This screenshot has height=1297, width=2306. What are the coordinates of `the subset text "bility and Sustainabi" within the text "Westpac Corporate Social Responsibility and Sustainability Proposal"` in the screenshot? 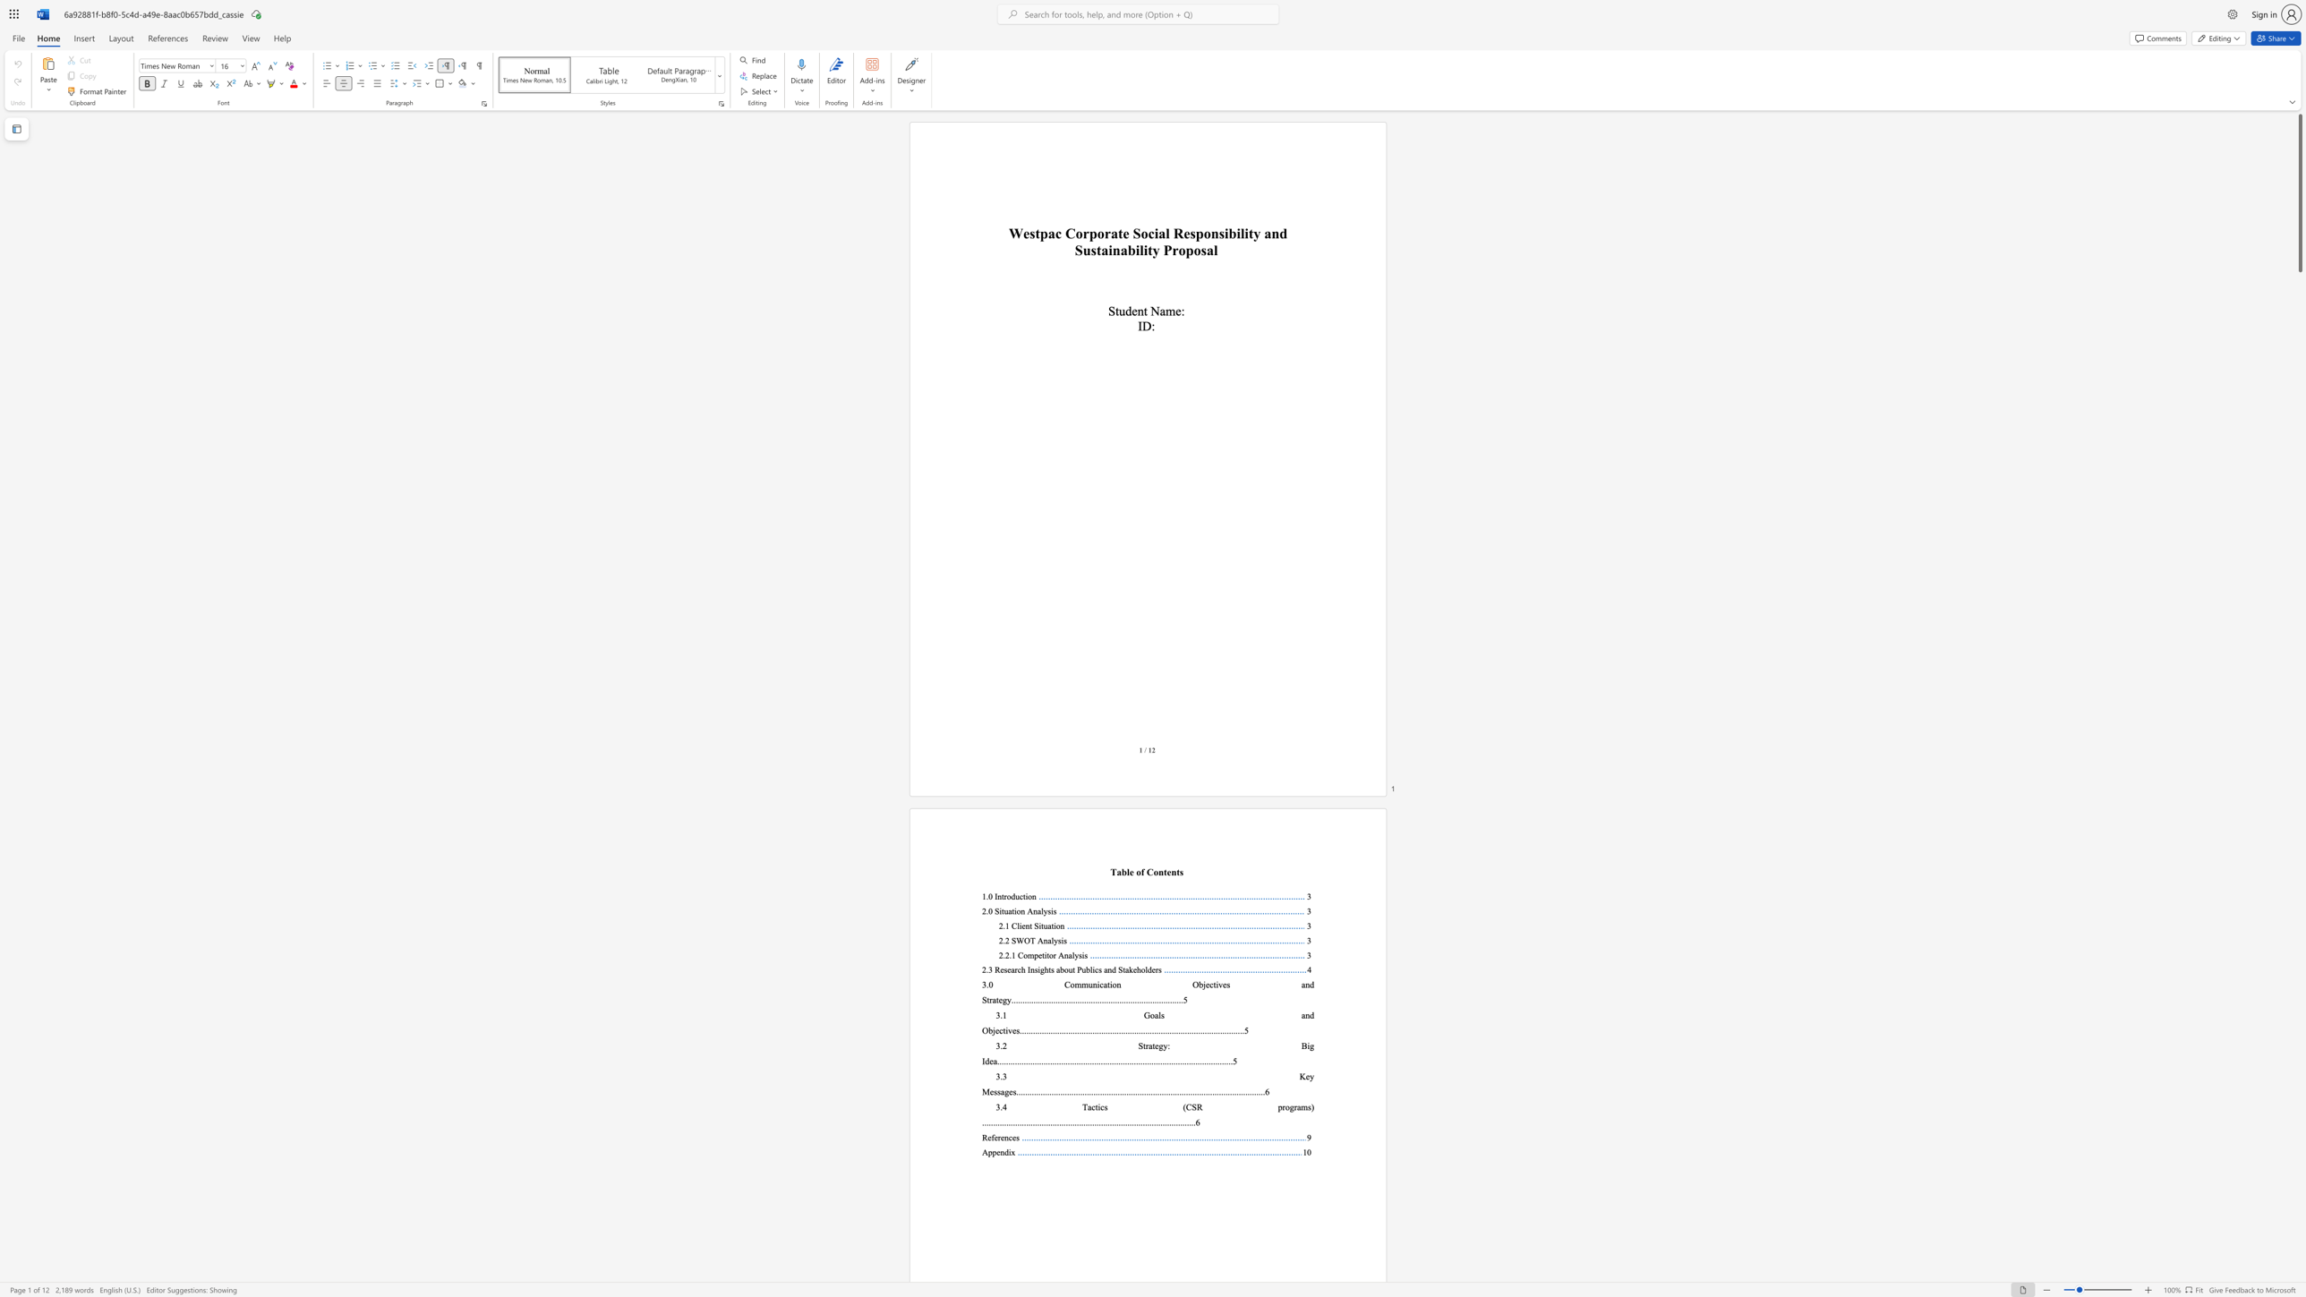 It's located at (1227, 233).